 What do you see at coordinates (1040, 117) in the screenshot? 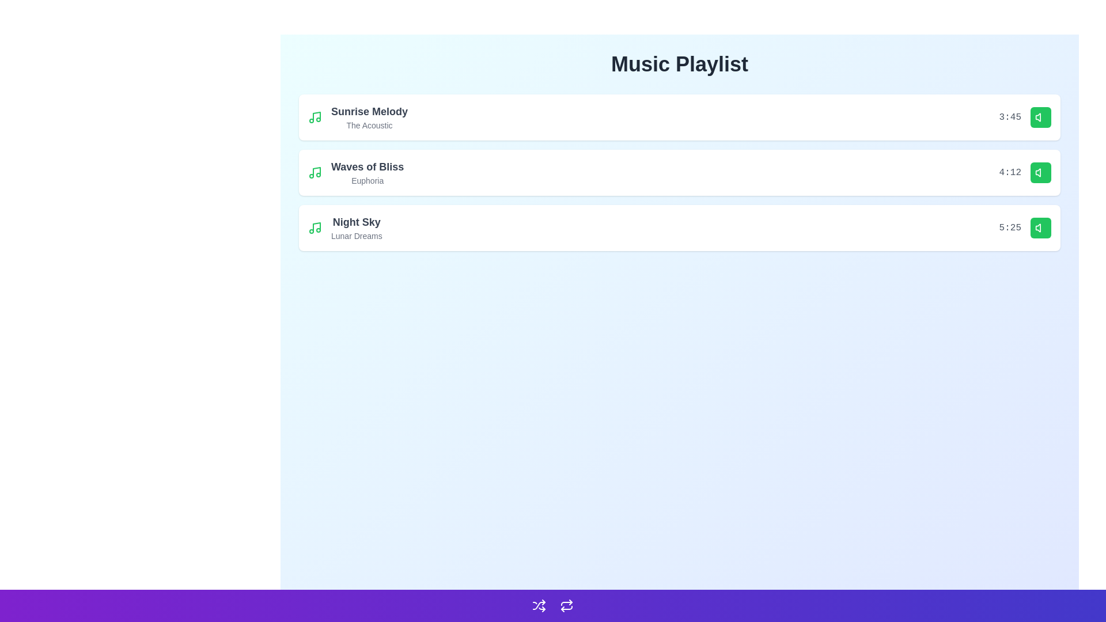
I see `the green button with a white volume icon located to the right of the '3:45' text in the first row of playlist entries` at bounding box center [1040, 117].